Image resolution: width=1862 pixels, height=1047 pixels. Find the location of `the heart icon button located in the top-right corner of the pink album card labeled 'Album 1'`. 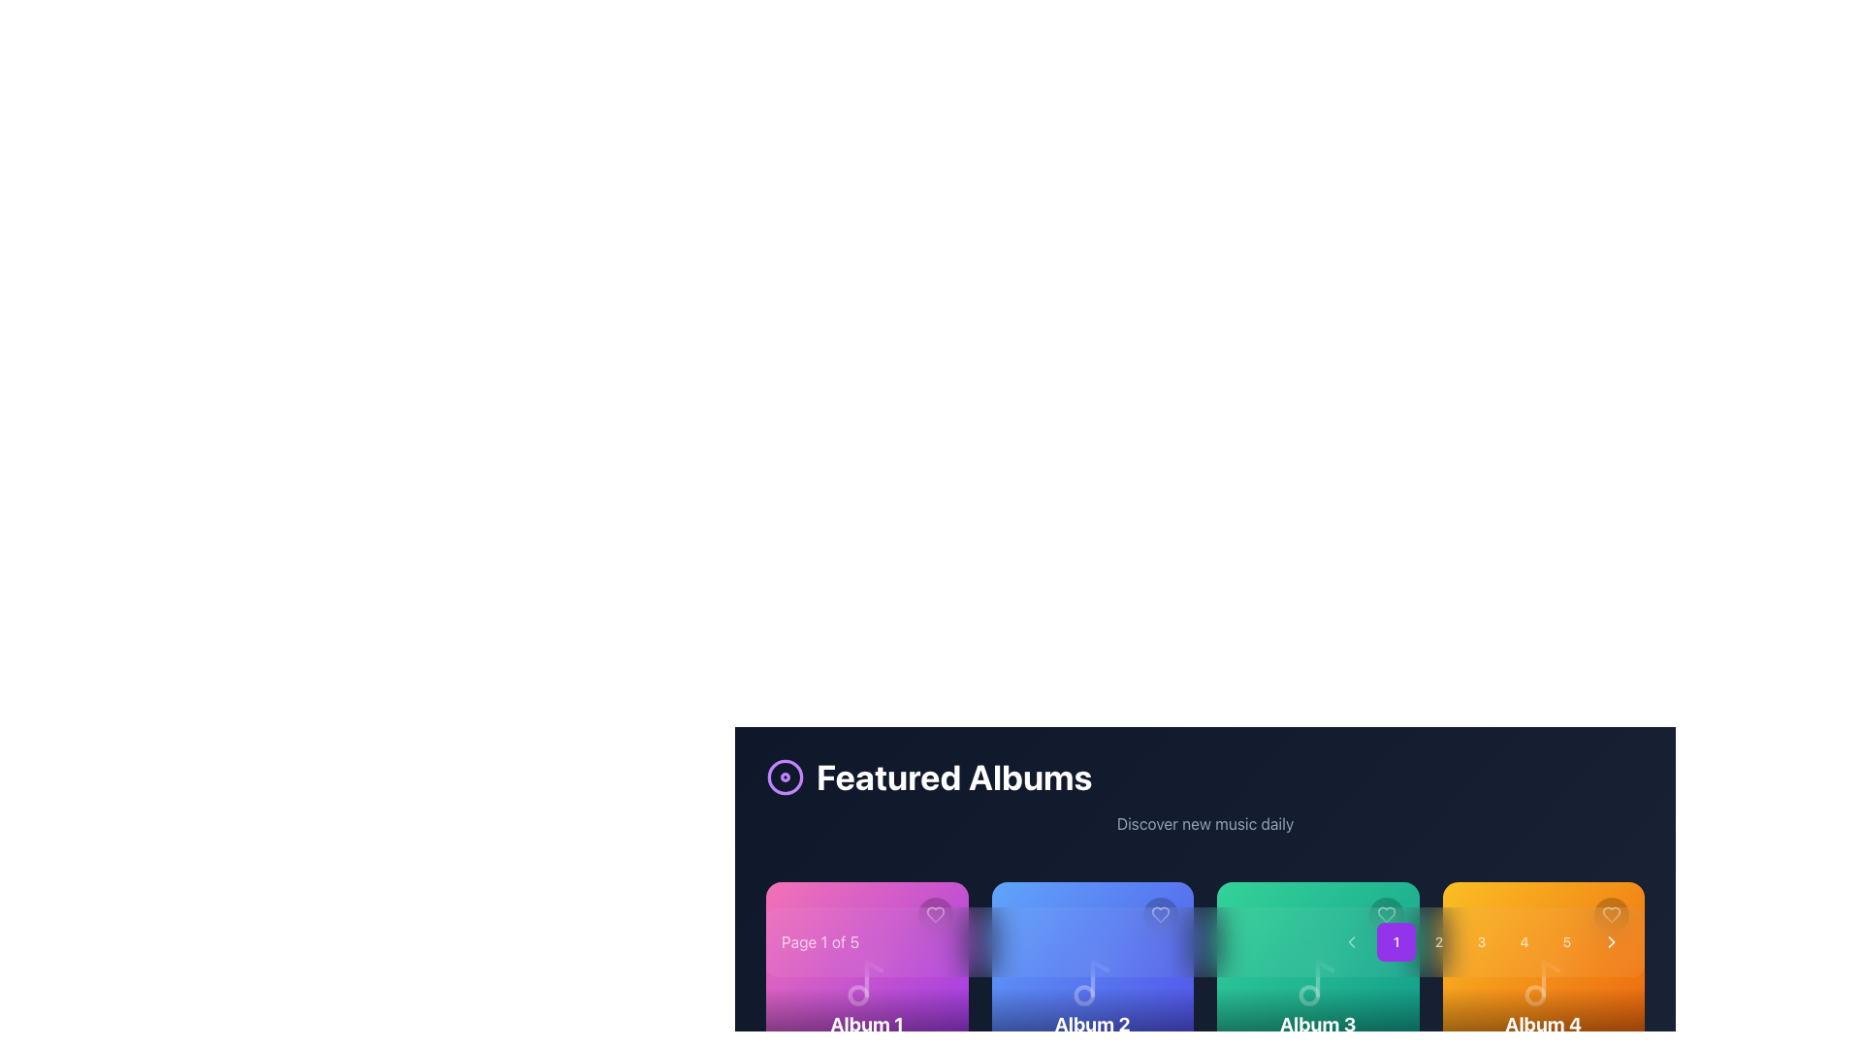

the heart icon button located in the top-right corner of the pink album card labeled 'Album 1' is located at coordinates (935, 915).